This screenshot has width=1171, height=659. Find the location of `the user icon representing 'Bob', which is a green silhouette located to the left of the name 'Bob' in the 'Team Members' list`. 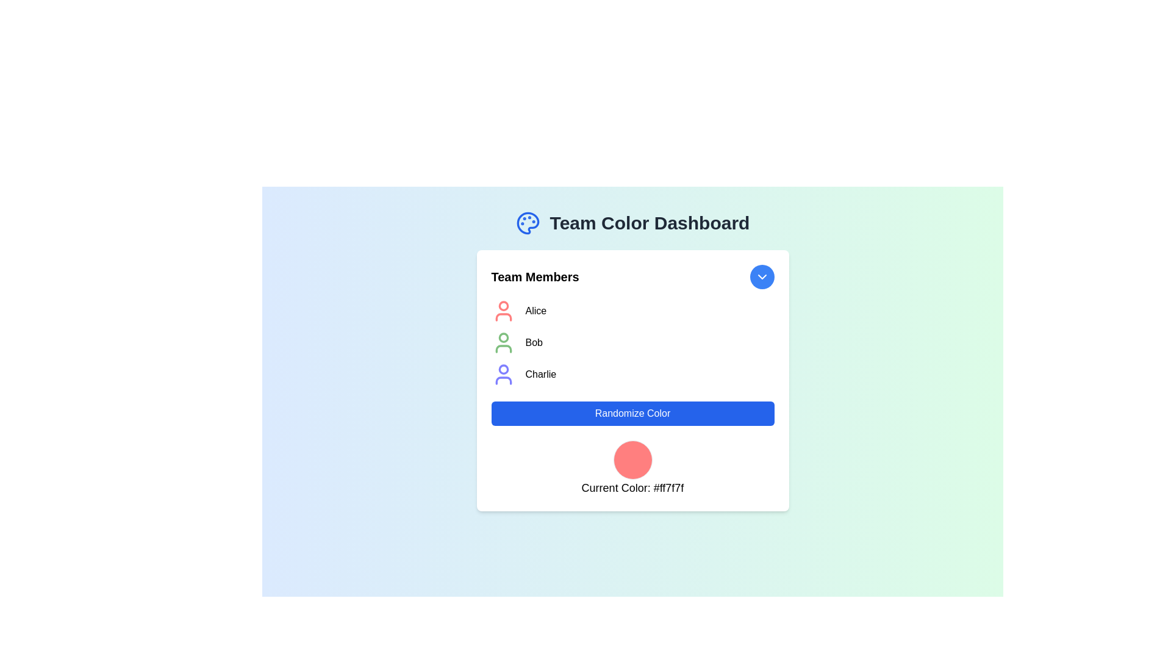

the user icon representing 'Bob', which is a green silhouette located to the left of the name 'Bob' in the 'Team Members' list is located at coordinates (503, 343).